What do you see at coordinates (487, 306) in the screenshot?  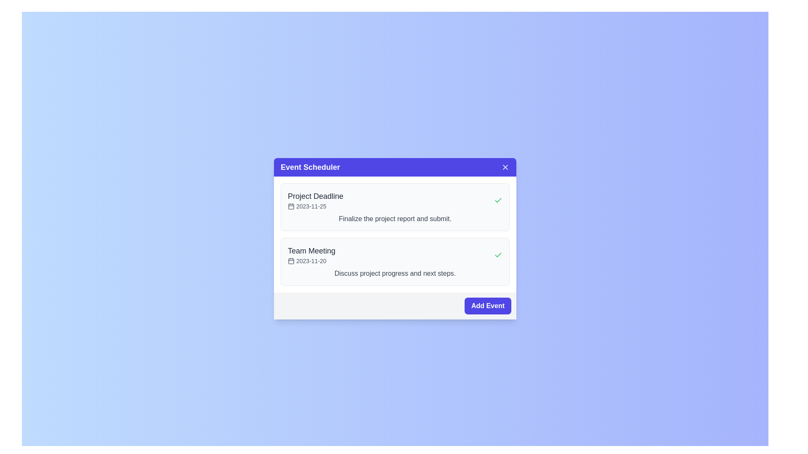 I see `the 'Add Event' button to trigger the corresponding action` at bounding box center [487, 306].